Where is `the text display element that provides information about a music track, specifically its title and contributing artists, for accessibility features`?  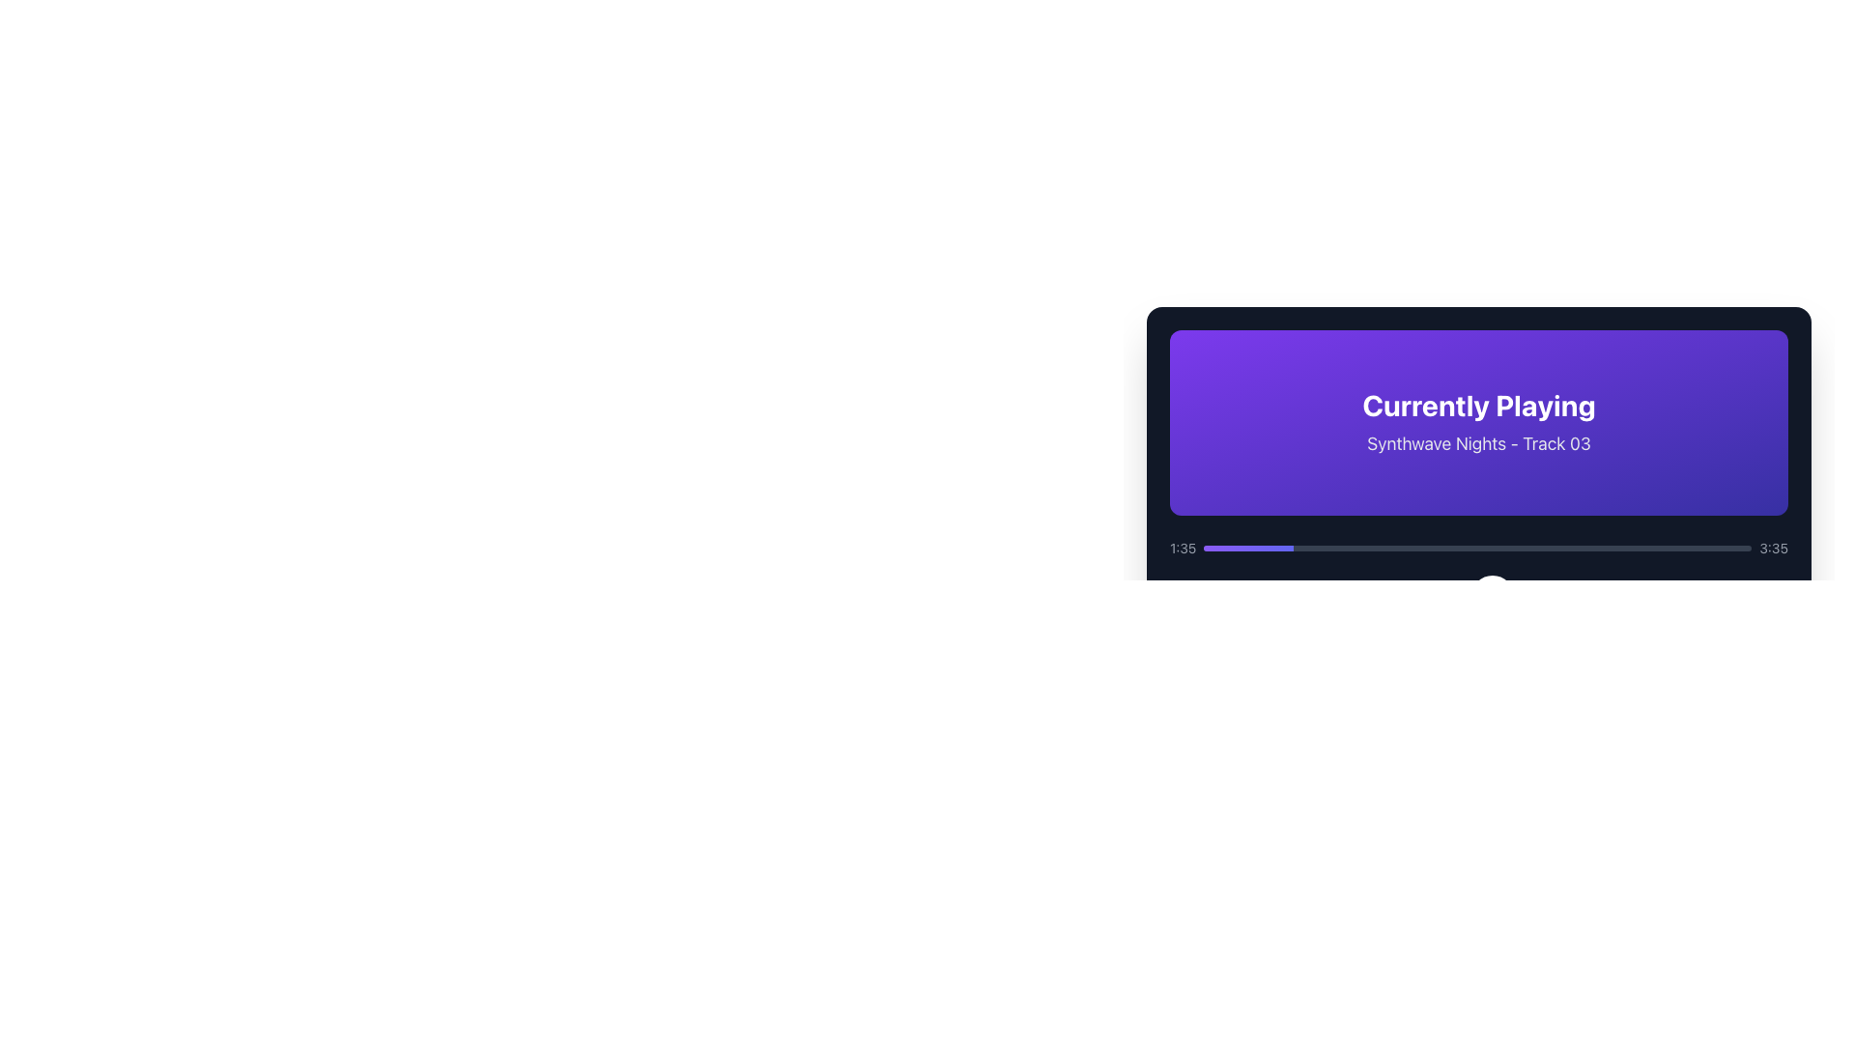 the text display element that provides information about a music track, specifically its title and contributing artists, for accessibility features is located at coordinates (1434, 766).